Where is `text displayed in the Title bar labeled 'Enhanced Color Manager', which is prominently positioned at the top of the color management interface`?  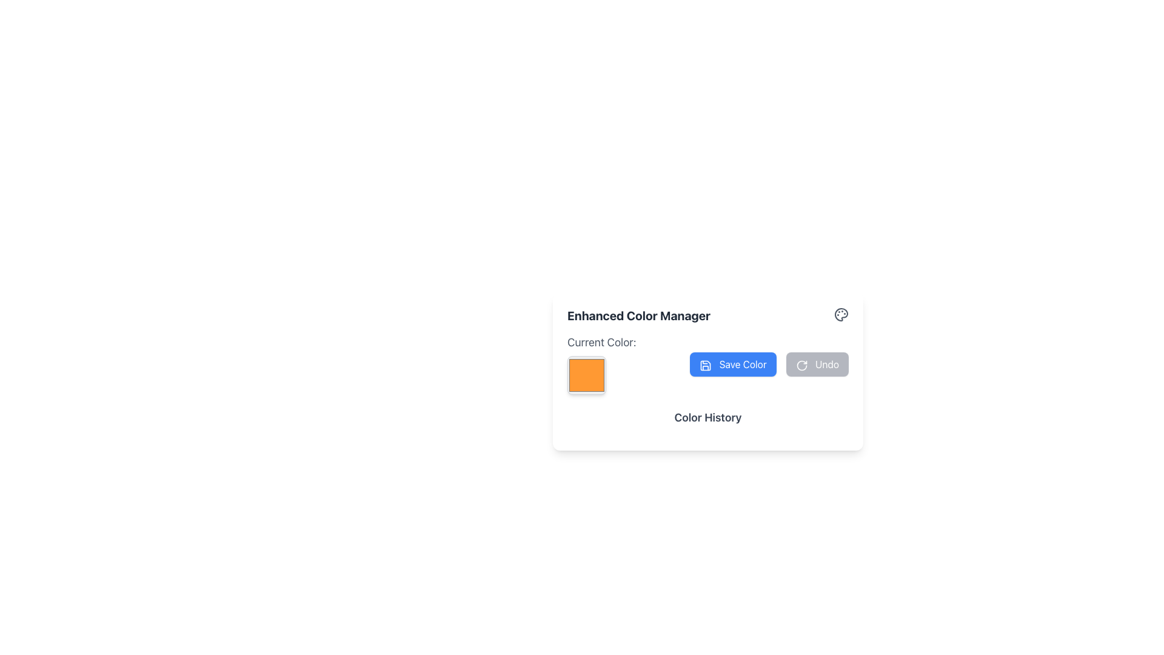 text displayed in the Title bar labeled 'Enhanced Color Manager', which is prominently positioned at the top of the color management interface is located at coordinates (707, 315).